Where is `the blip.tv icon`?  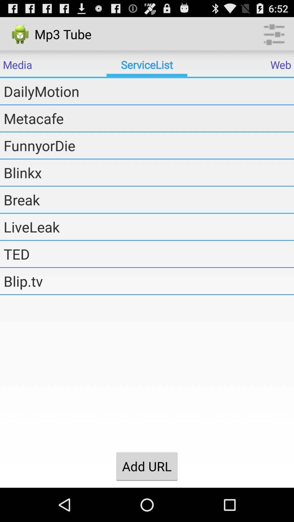
the blip.tv icon is located at coordinates (149, 281).